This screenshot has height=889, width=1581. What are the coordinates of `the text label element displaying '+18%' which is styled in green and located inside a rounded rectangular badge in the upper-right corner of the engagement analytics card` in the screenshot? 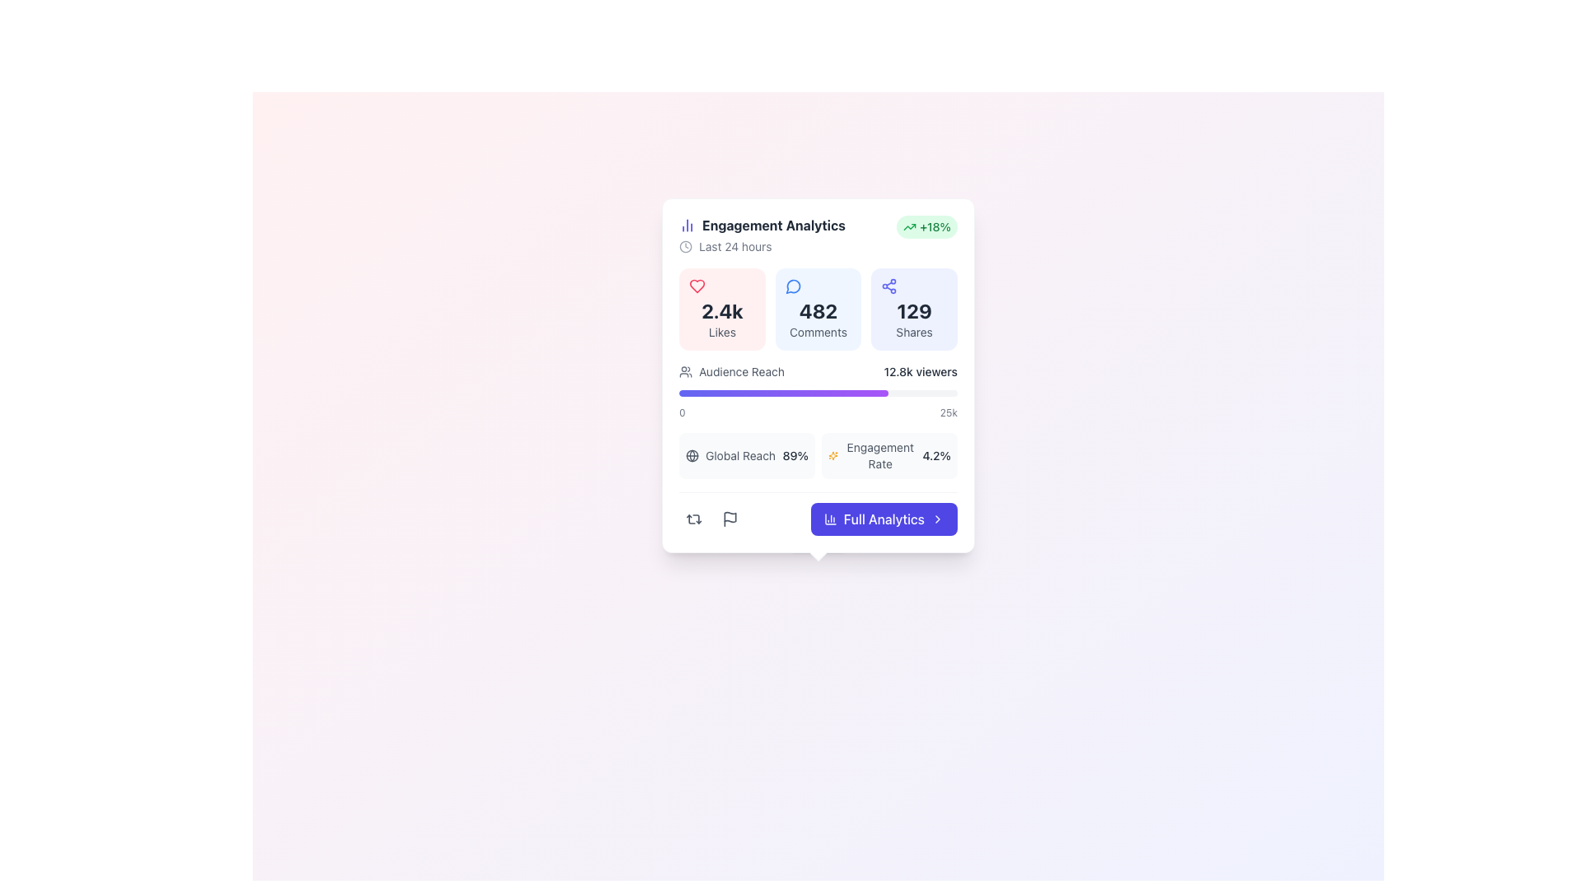 It's located at (935, 227).